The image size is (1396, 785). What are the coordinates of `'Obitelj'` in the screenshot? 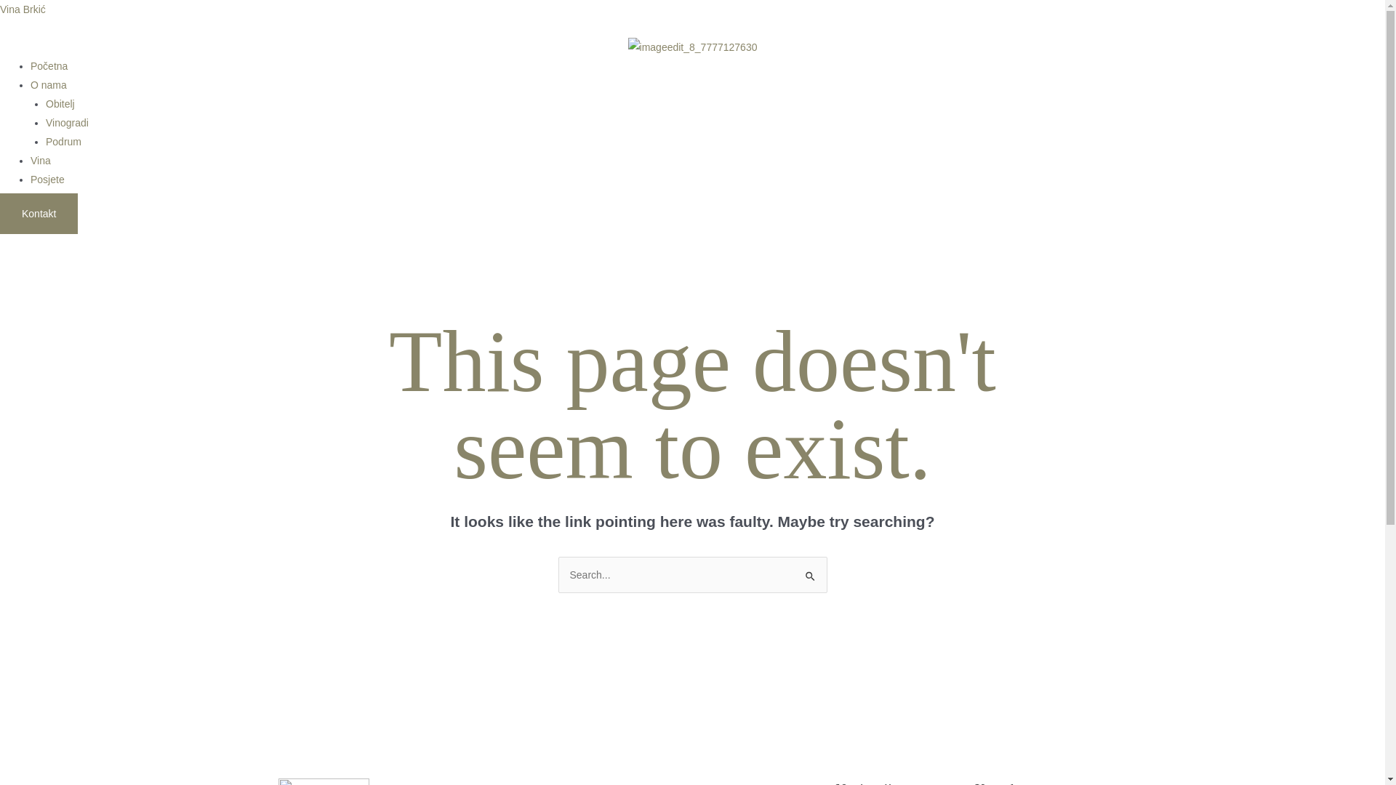 It's located at (59, 102).